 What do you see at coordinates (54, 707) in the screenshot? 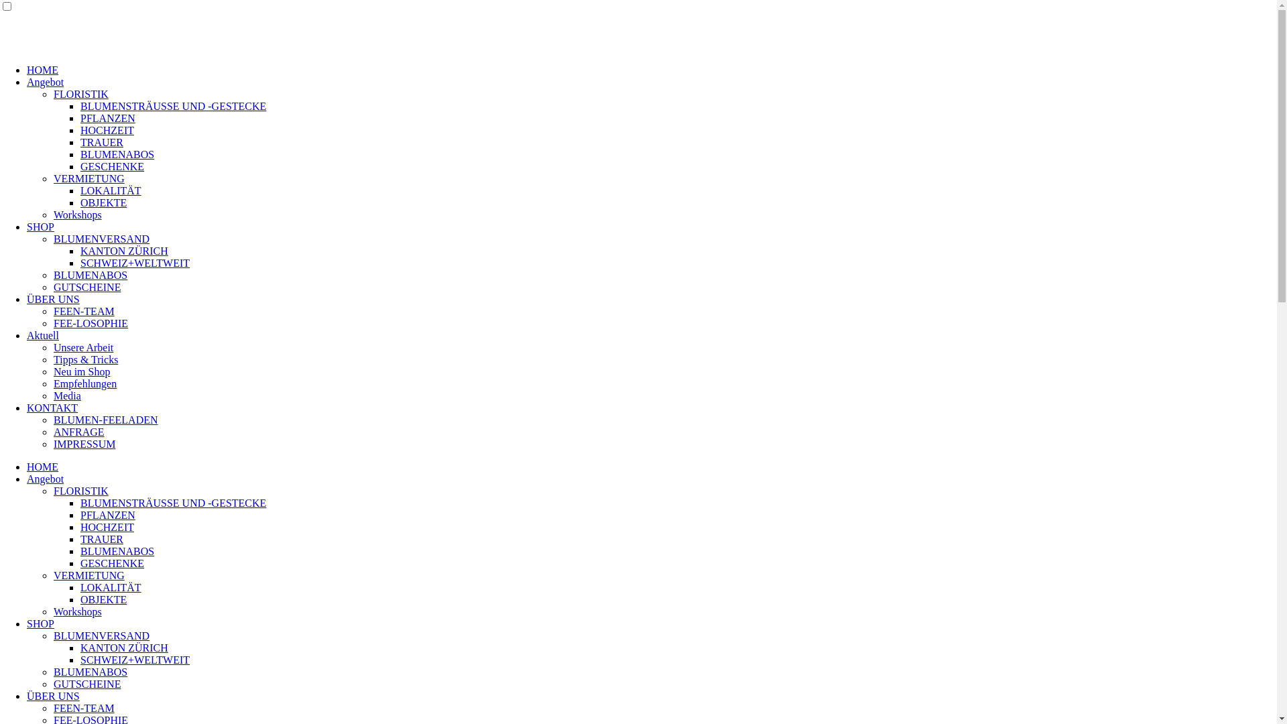
I see `'FEEN-TEAM'` at bounding box center [54, 707].